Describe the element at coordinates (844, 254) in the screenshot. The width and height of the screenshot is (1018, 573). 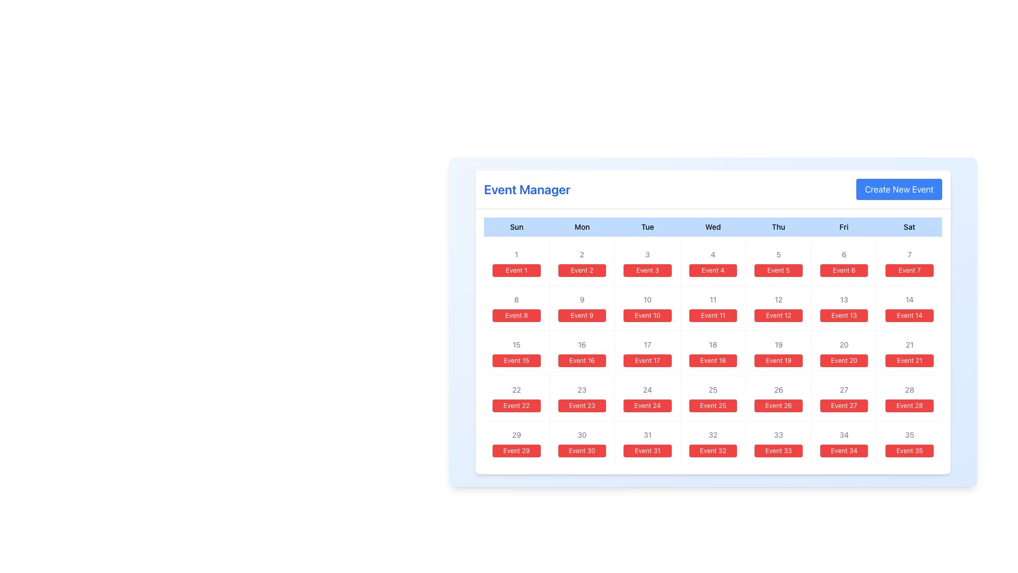
I see `the text label displaying '6' in gray font color, which is positioned above the red button labeled 'Event 6' in the Friday column of a calendar layout` at that location.